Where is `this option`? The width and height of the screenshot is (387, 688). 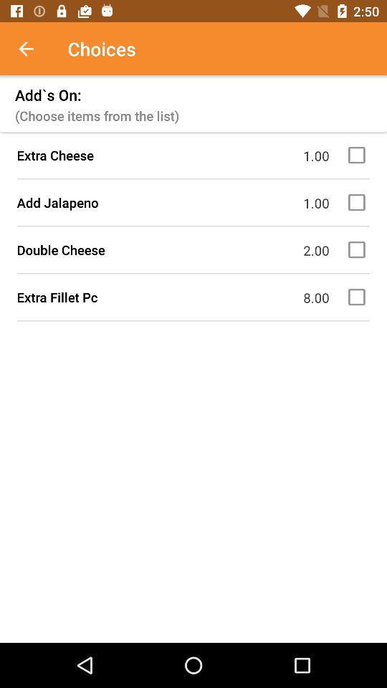 this option is located at coordinates (358, 296).